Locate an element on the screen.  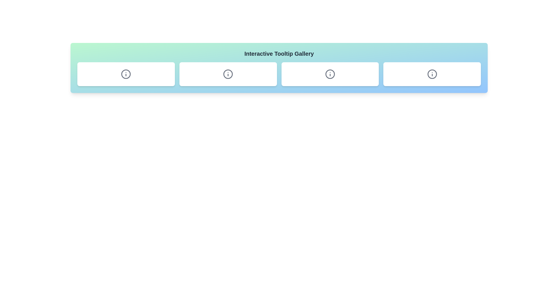
the informational icon located in the middle-left of the second box in a set of four horizontal boxes is located at coordinates (126, 74).